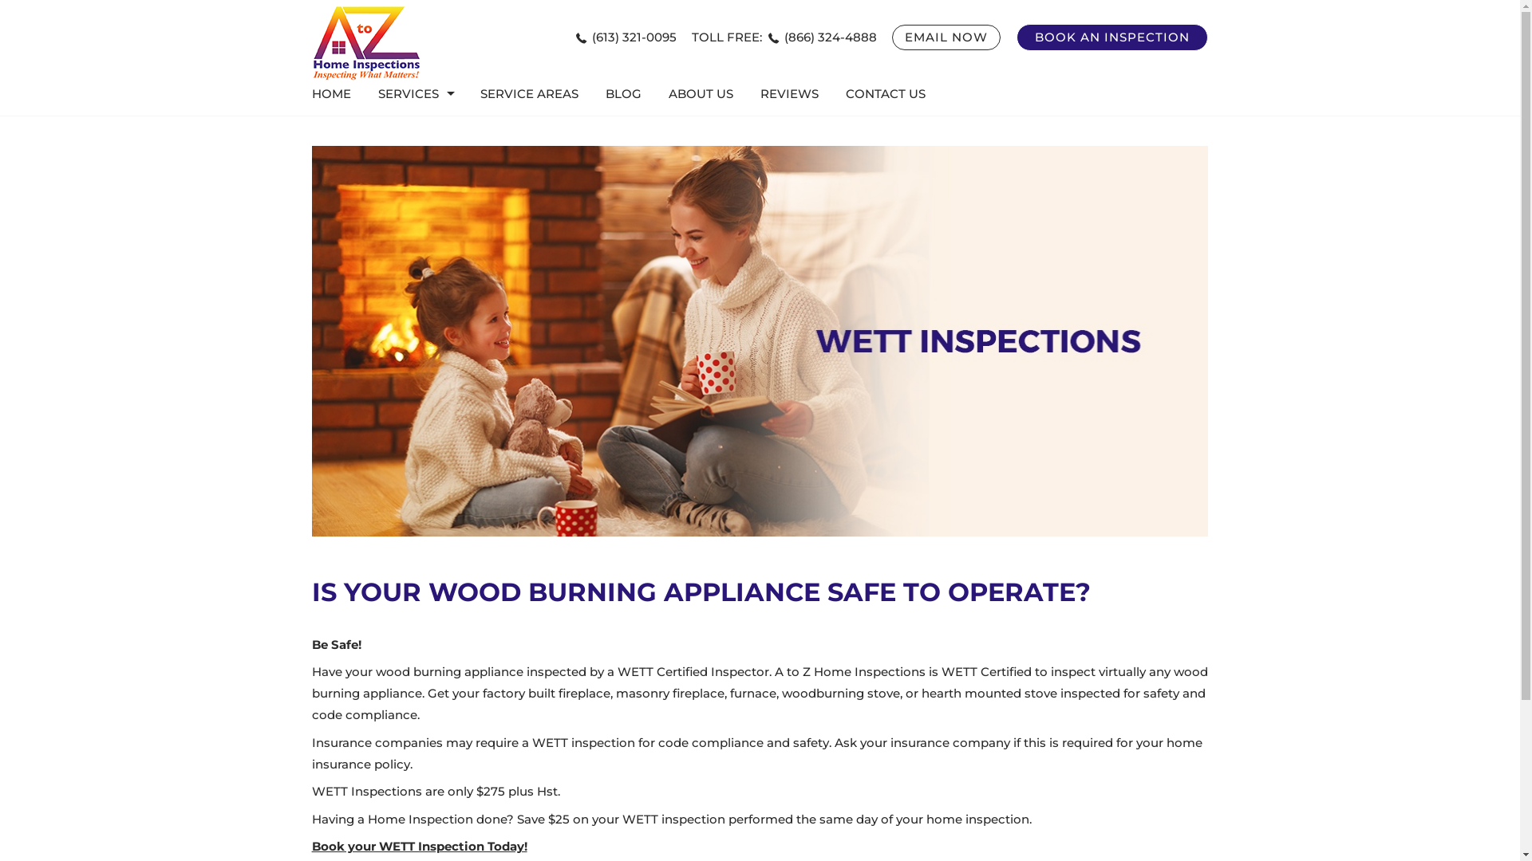 The image size is (1532, 861). What do you see at coordinates (884, 93) in the screenshot?
I see `'CONTACT US'` at bounding box center [884, 93].